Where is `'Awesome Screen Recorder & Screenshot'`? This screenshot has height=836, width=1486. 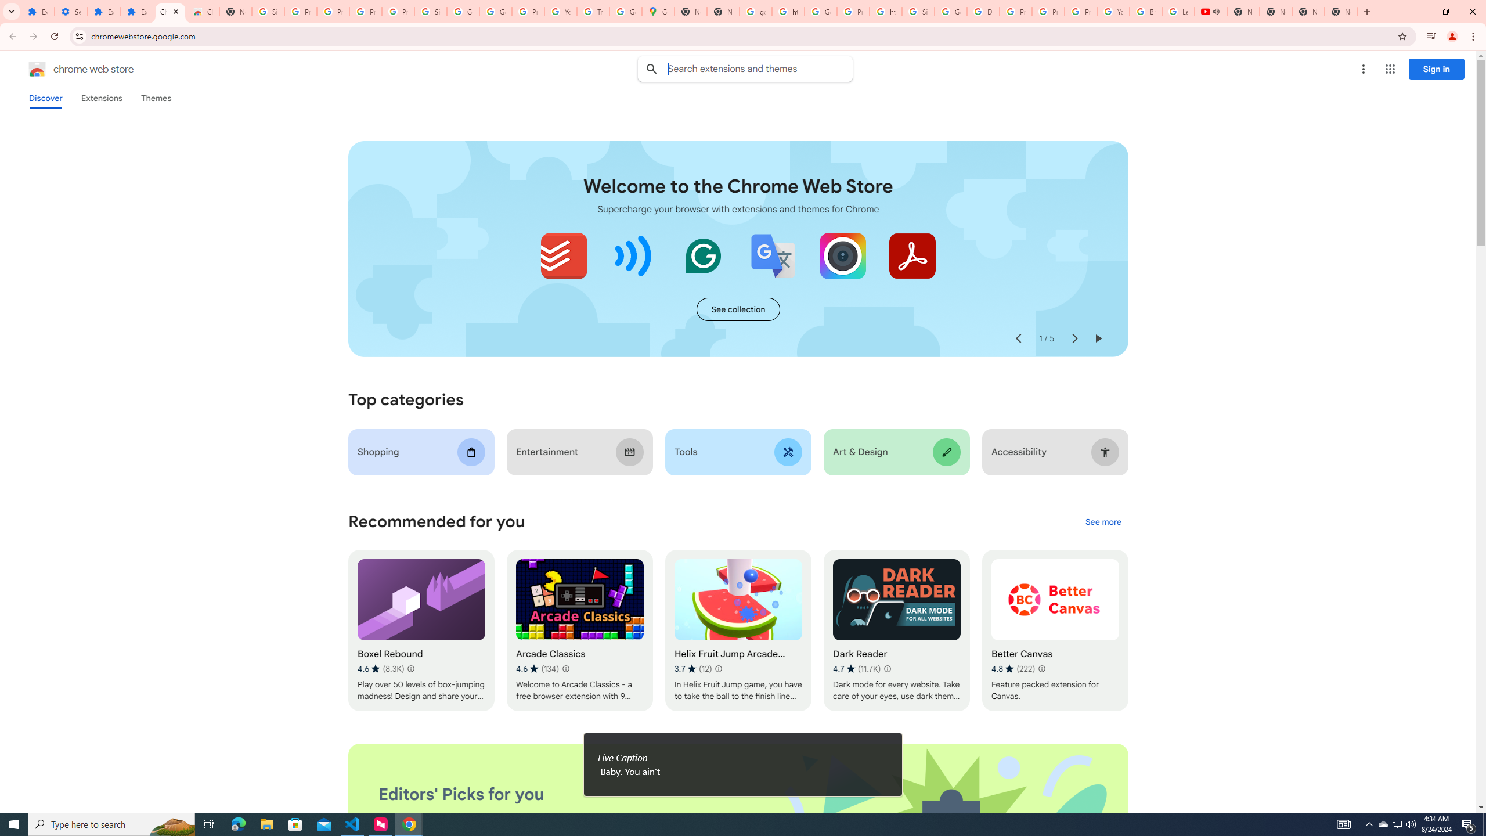
'Awesome Screen Recorder & Screenshot' is located at coordinates (842, 255).